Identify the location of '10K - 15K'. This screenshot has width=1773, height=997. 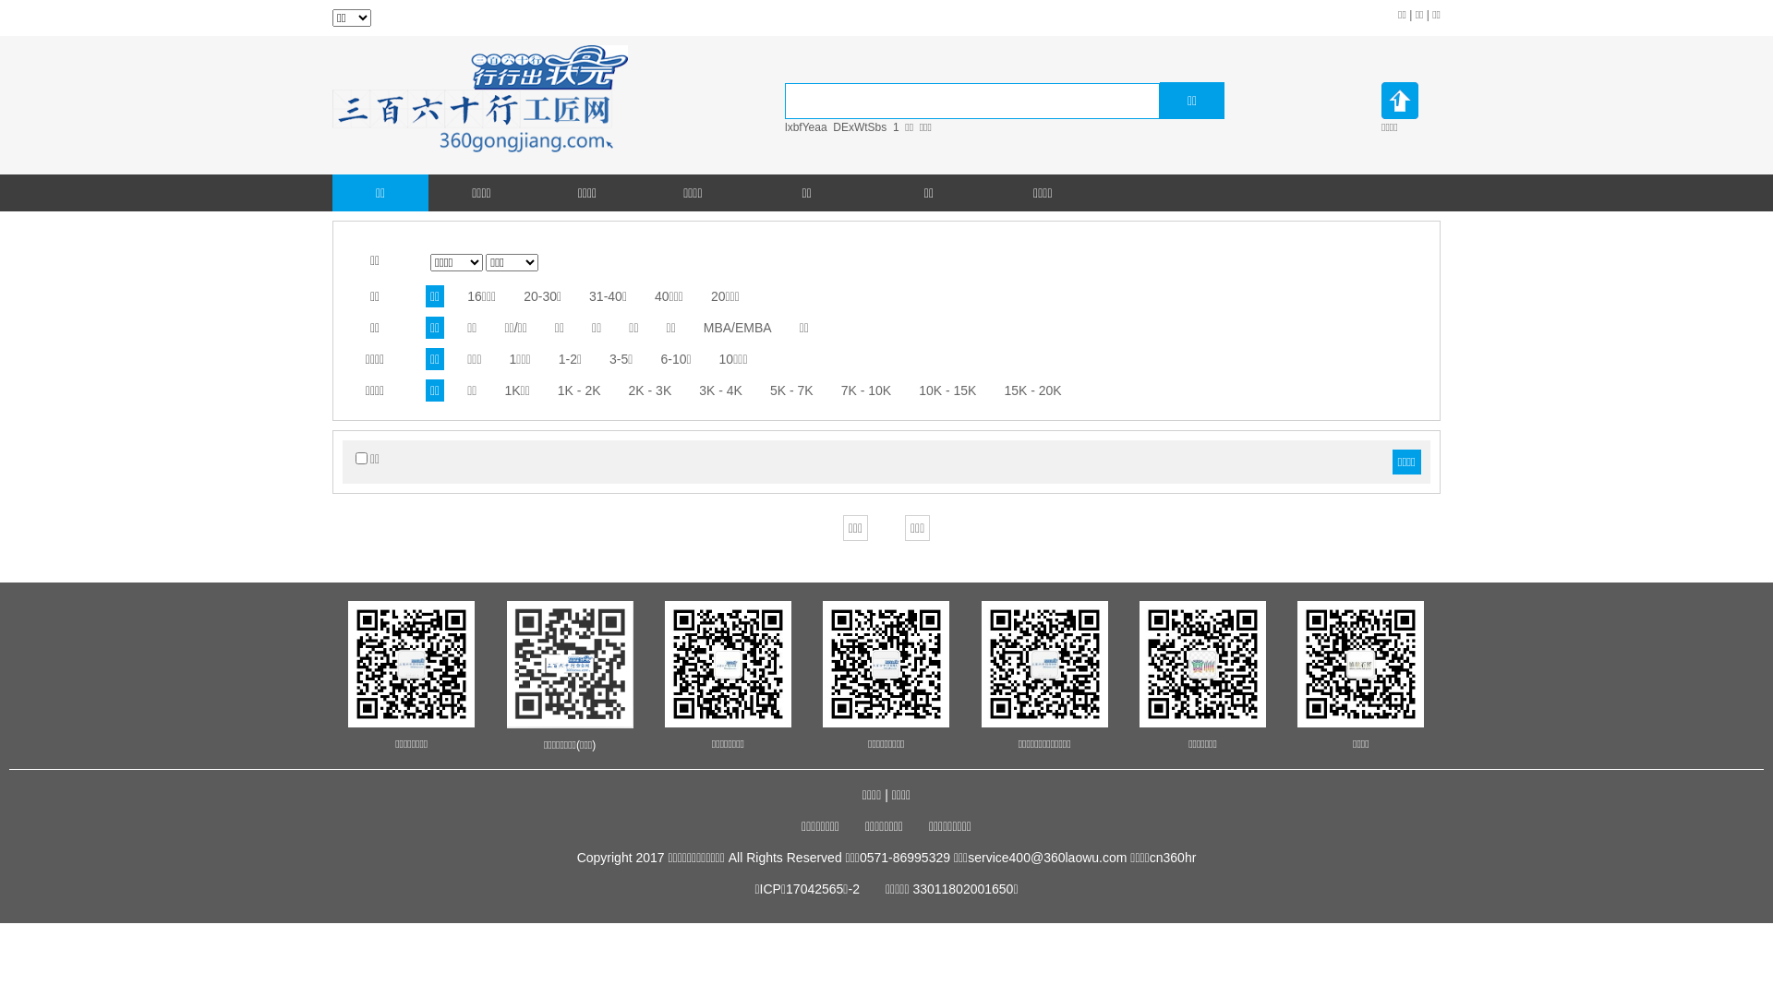
(918, 390).